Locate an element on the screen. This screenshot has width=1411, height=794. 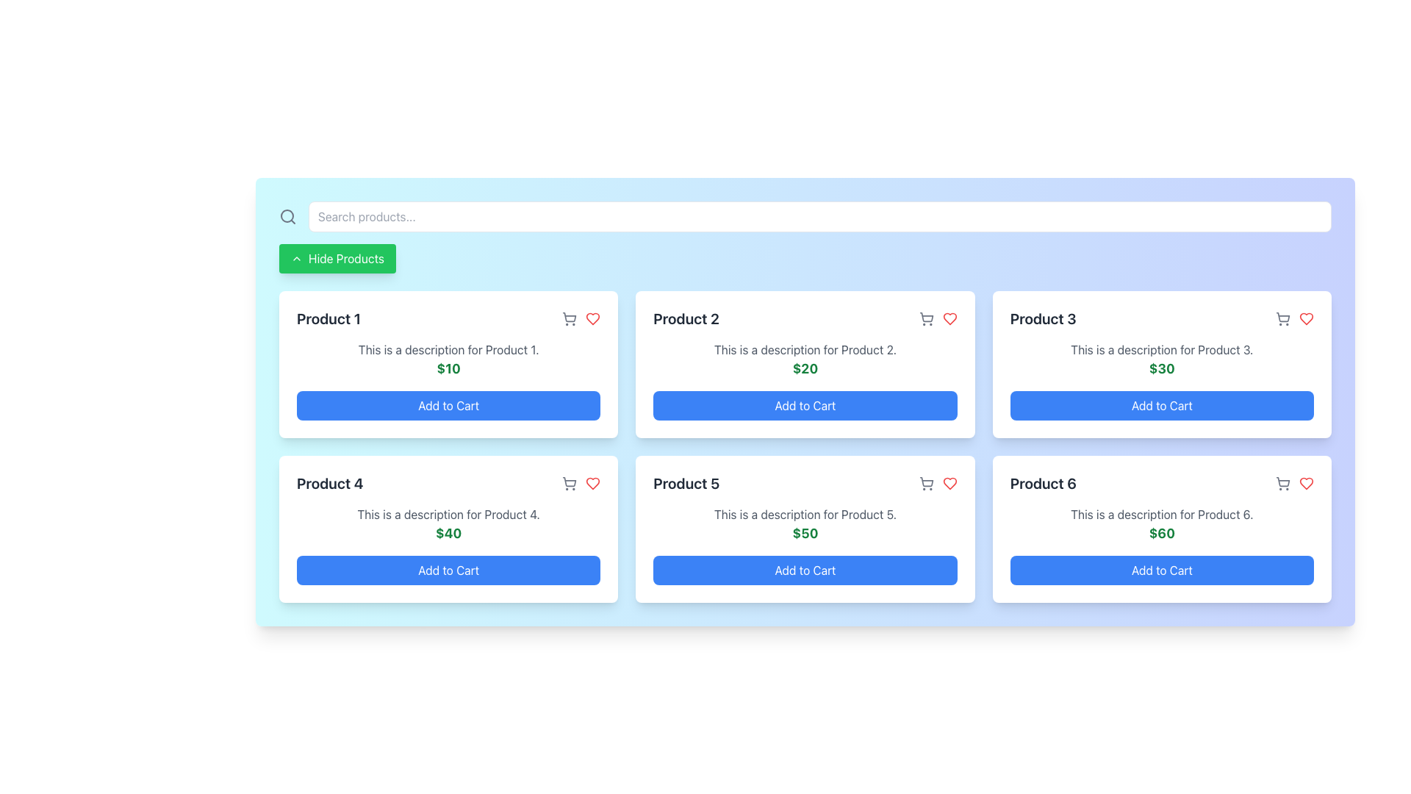
the gray shopping cart icon located in the fifth product card of the second row is located at coordinates (925, 484).